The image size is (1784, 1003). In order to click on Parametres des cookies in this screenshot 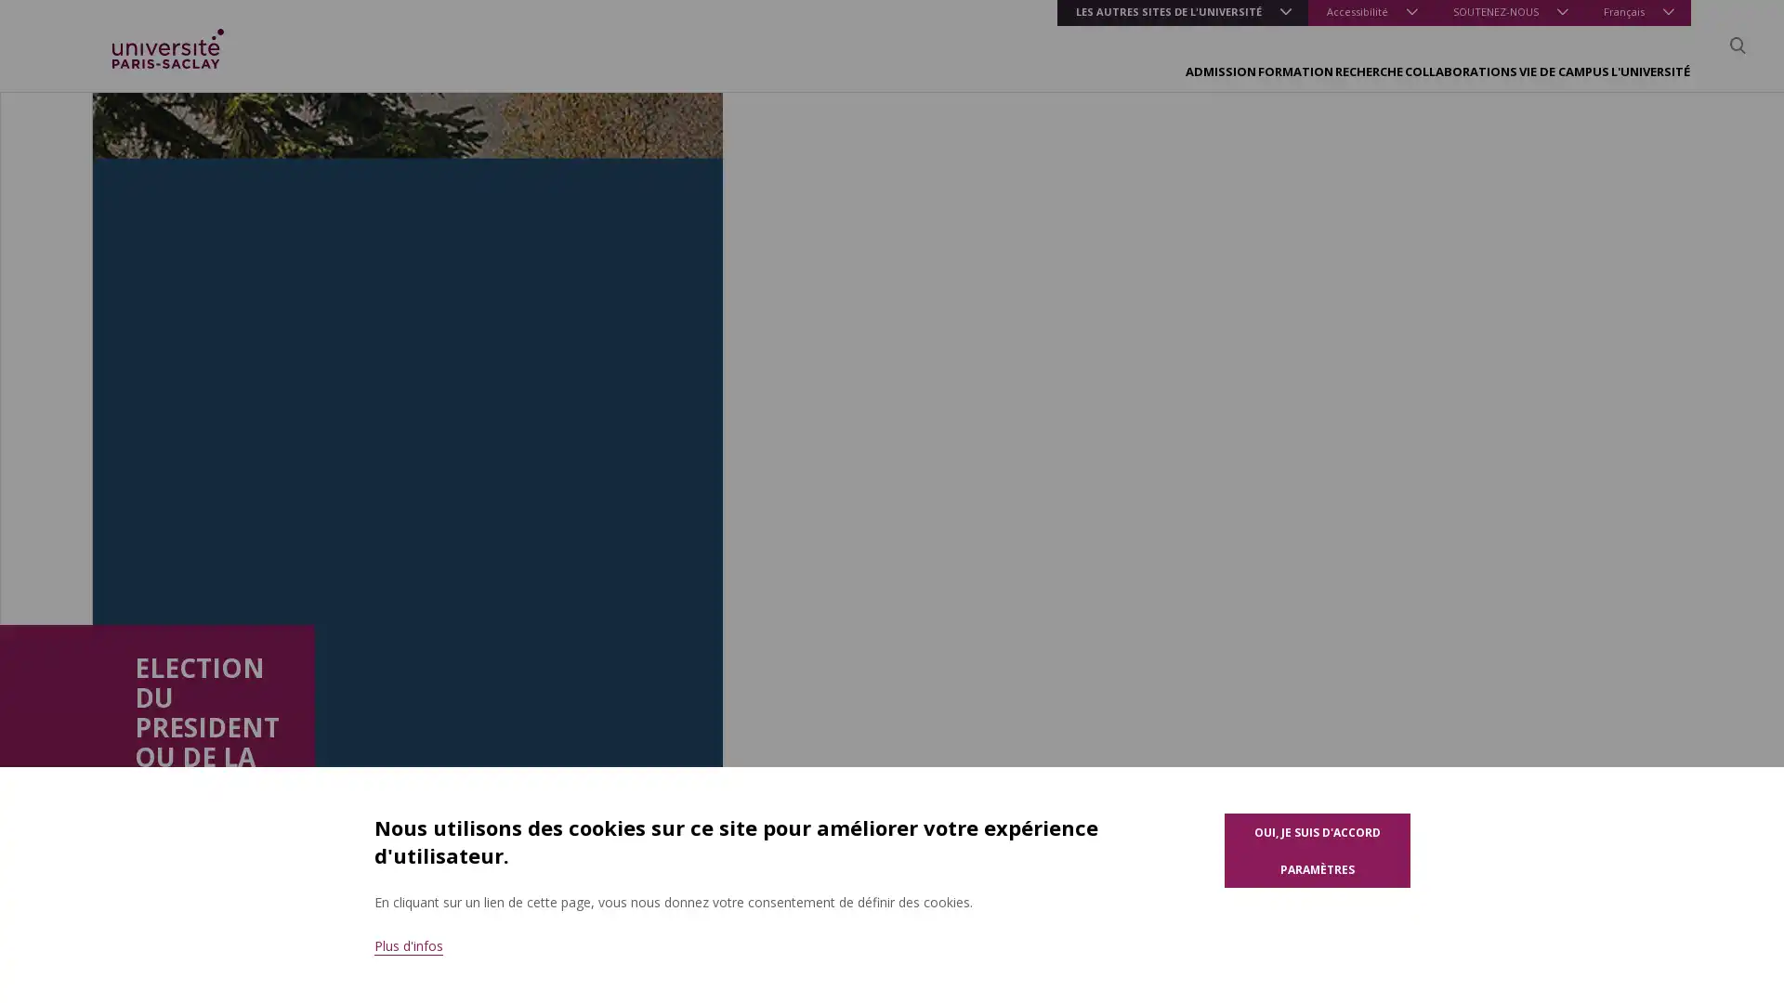, I will do `click(1315, 882)`.